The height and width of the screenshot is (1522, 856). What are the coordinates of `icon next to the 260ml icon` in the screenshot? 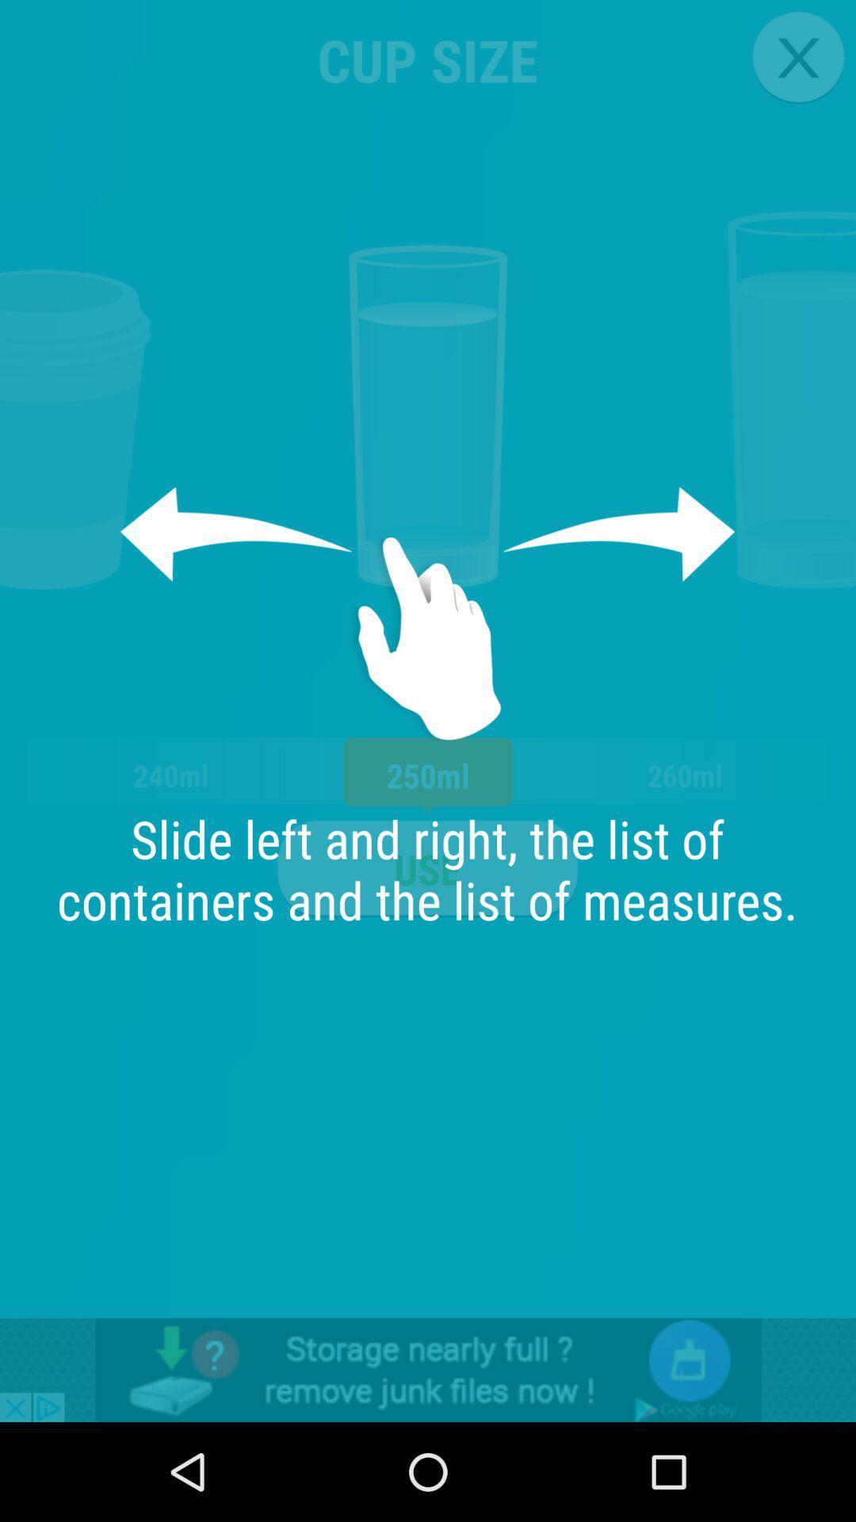 It's located at (426, 868).